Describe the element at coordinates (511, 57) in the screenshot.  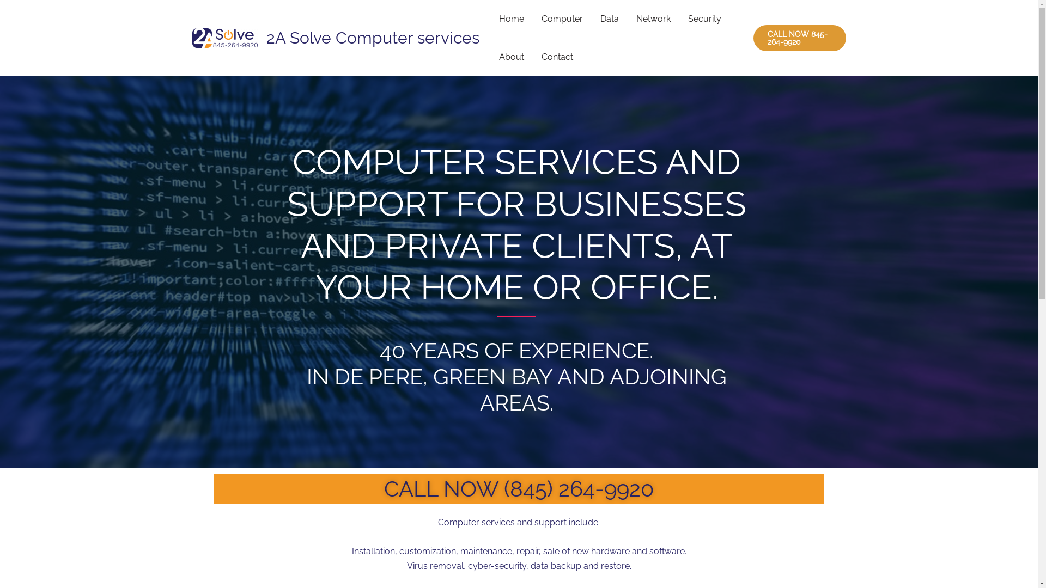
I see `'About'` at that location.